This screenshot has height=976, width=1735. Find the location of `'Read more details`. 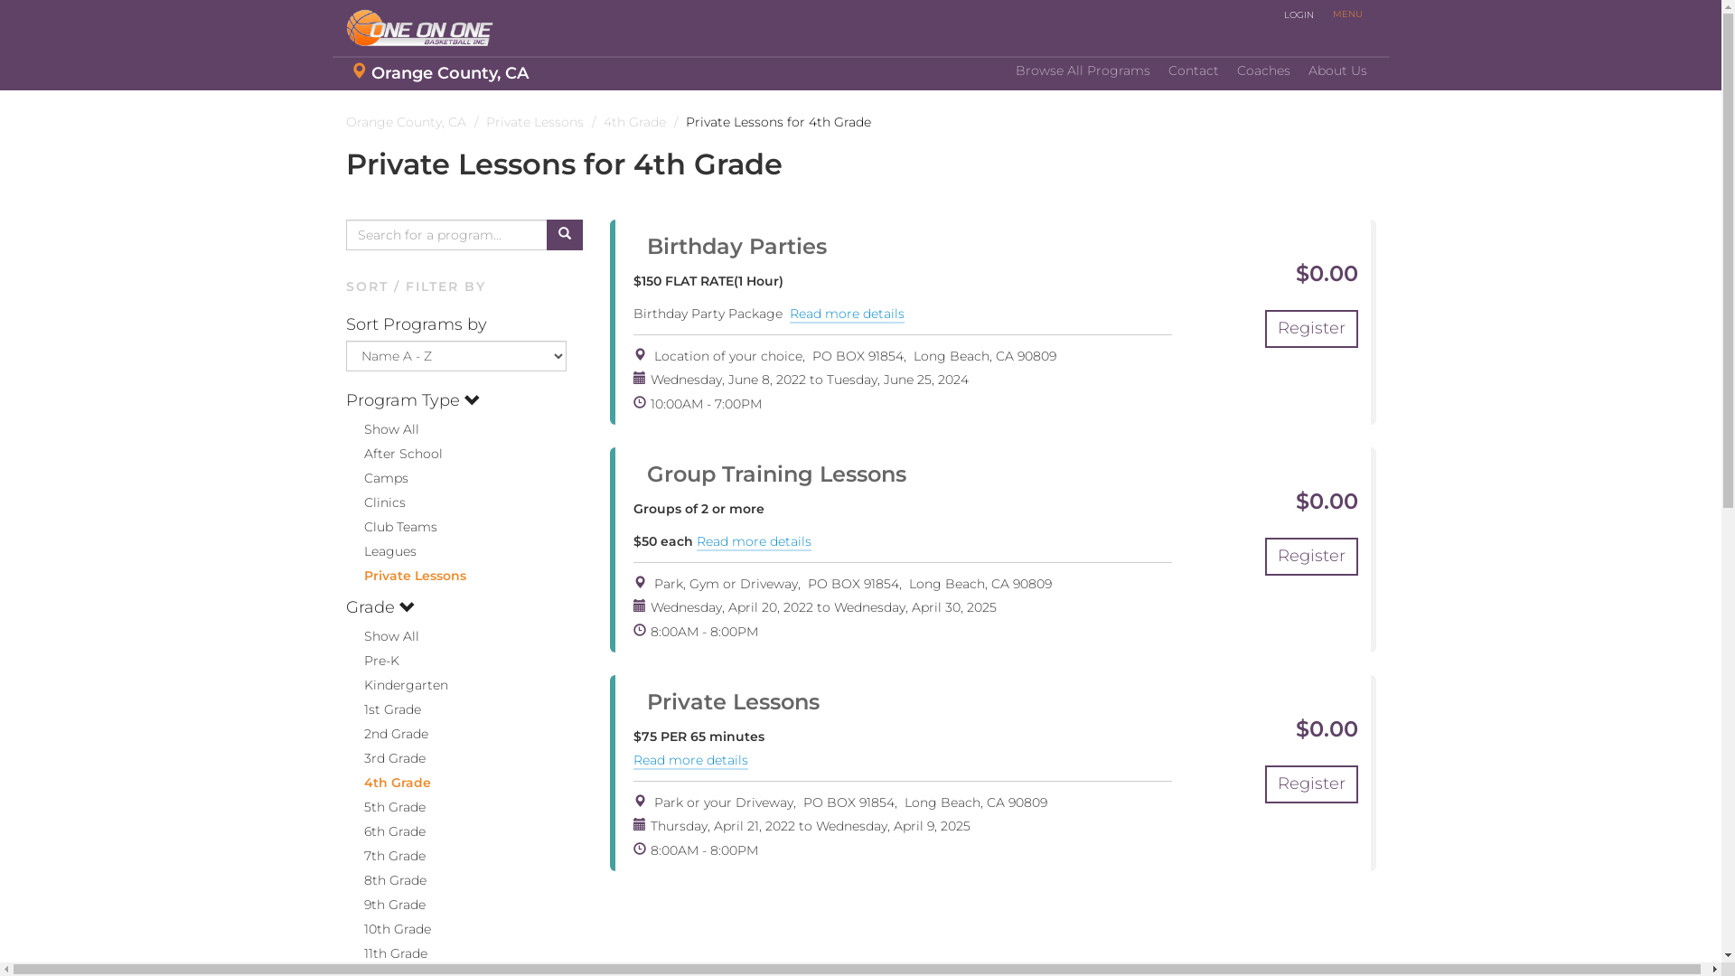

'Read more details is located at coordinates (754, 541).